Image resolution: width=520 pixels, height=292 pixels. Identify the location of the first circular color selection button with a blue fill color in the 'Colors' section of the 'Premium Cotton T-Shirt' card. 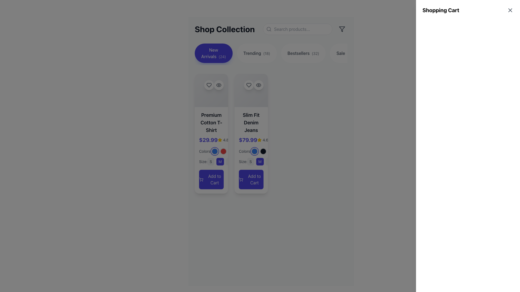
(214, 151).